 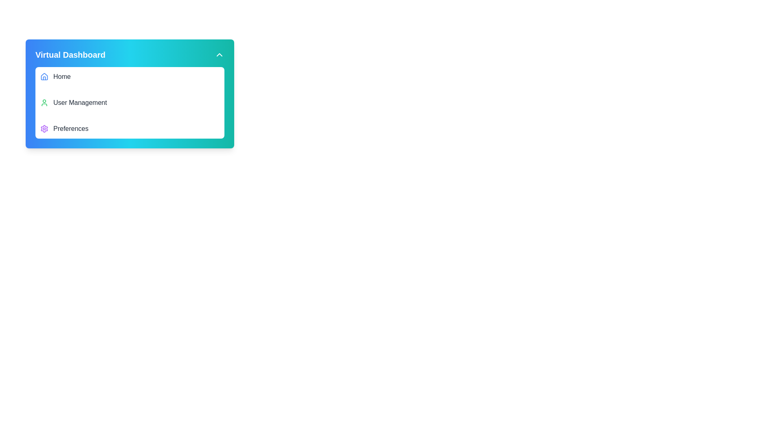 I want to click on the green user profile icon located next to the text 'User Management' in the 'Virtual Dashboard' menu, so click(x=44, y=102).